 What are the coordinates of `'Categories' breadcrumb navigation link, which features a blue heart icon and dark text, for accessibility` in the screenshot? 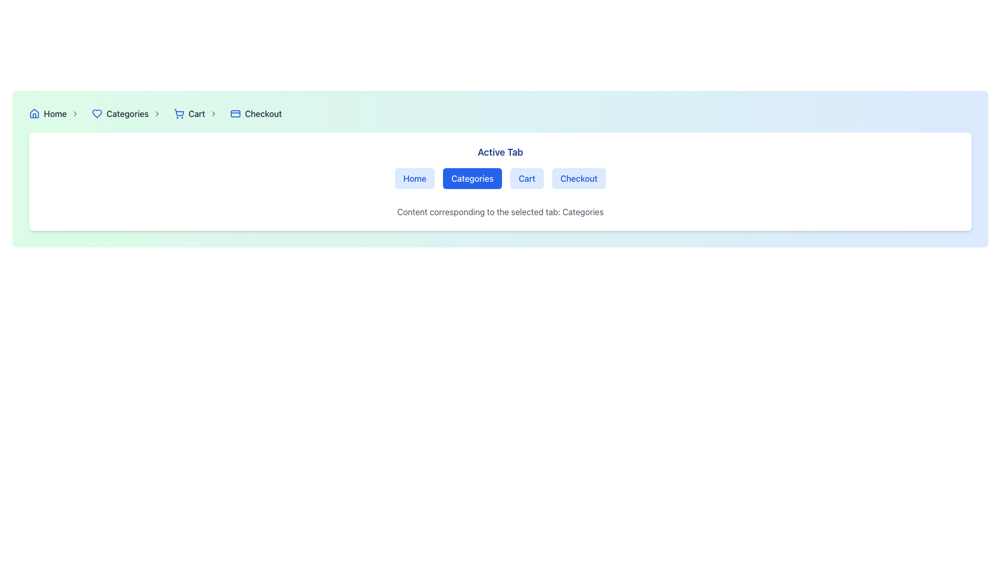 It's located at (128, 114).